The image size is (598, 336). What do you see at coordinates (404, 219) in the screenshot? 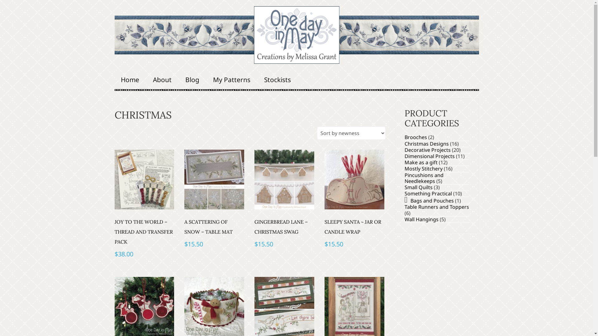
I see `'Wall Hangings'` at bounding box center [404, 219].